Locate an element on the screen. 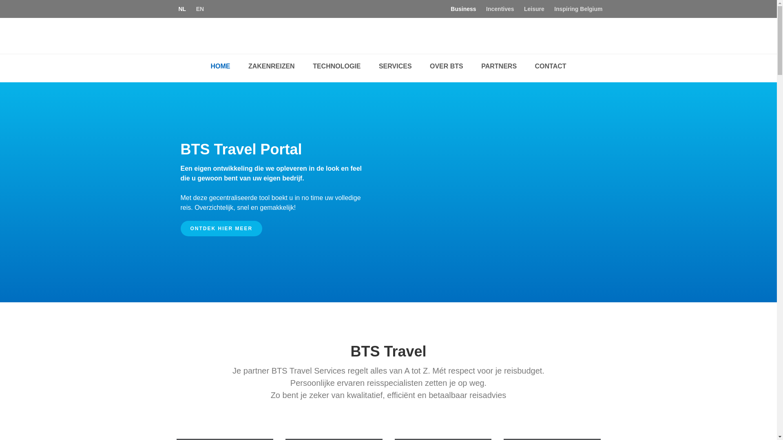  'TECHNOLOGIE' is located at coordinates (336, 66).